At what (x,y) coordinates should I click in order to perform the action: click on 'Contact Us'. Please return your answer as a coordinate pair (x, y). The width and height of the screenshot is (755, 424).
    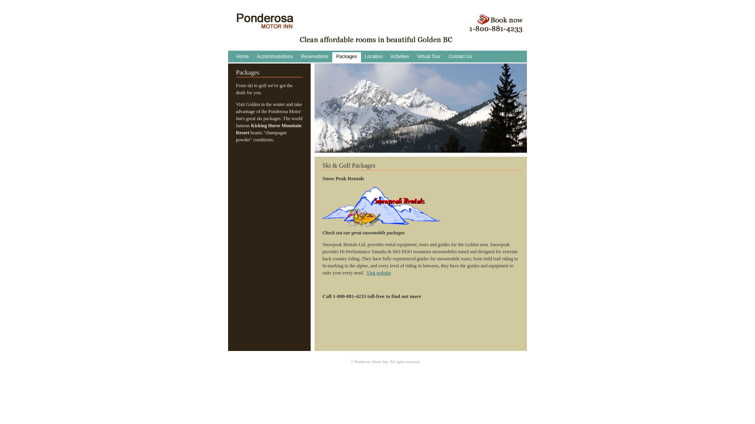
    Looking at the image, I should click on (460, 57).